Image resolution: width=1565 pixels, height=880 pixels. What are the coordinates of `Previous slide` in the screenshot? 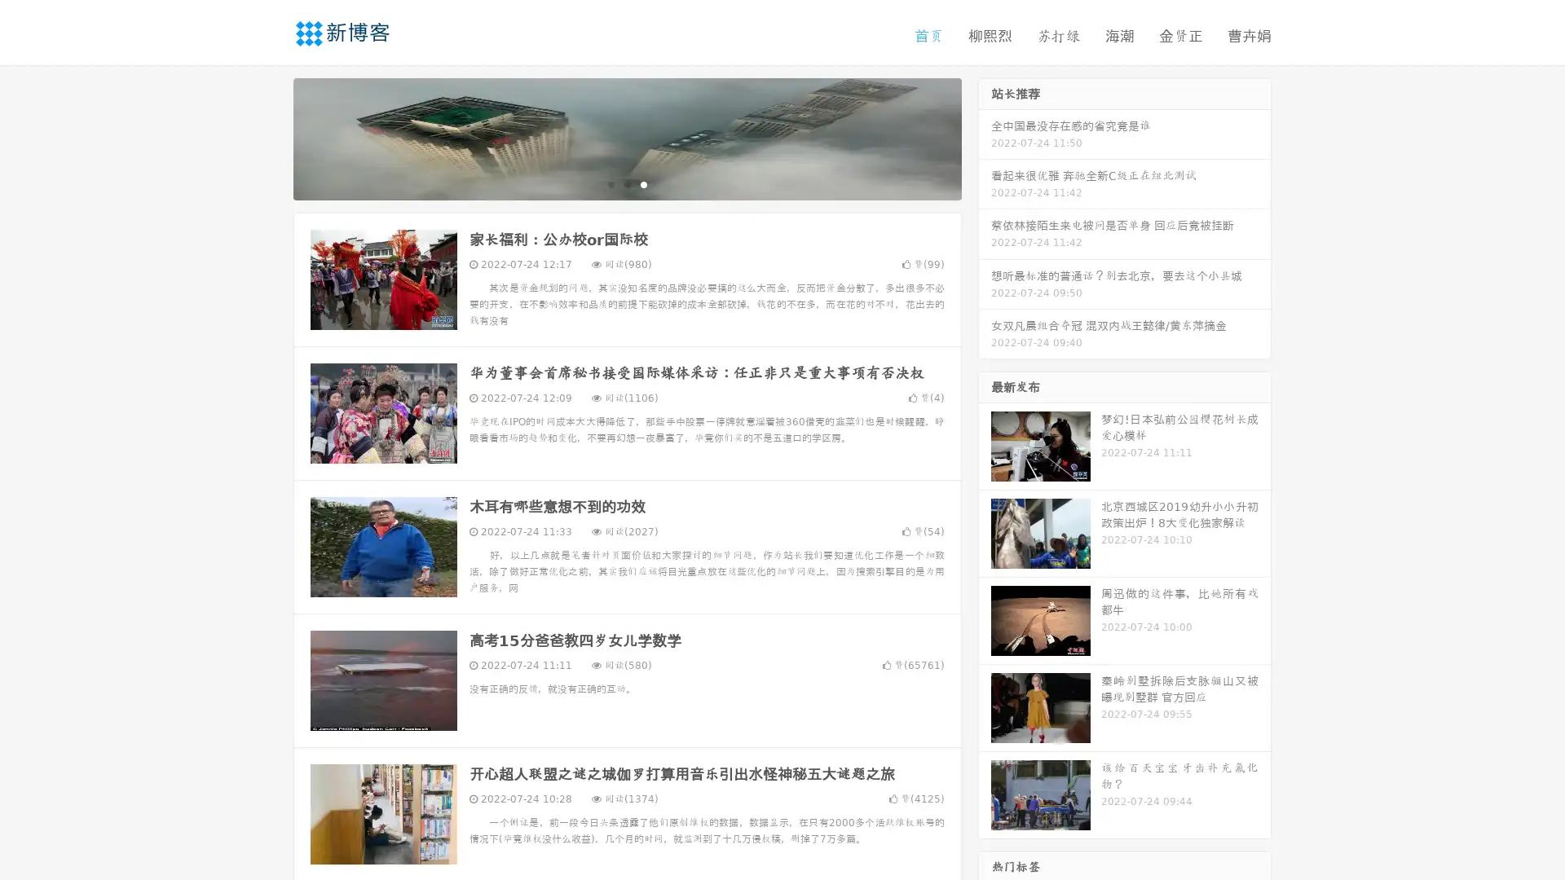 It's located at (269, 137).